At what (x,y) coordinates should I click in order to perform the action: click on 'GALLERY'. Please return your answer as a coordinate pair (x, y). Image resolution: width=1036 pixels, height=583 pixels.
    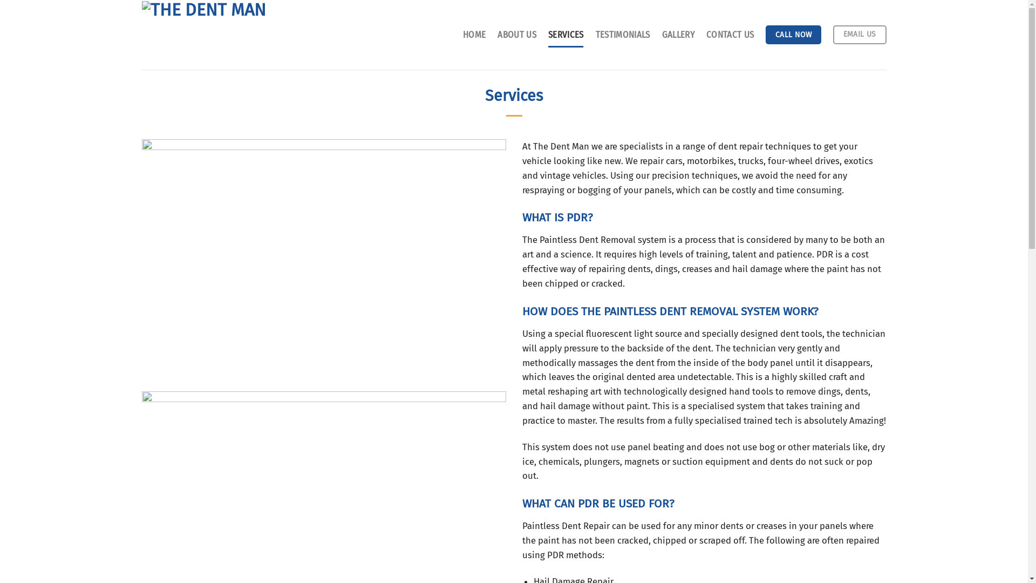
    Looking at the image, I should click on (662, 34).